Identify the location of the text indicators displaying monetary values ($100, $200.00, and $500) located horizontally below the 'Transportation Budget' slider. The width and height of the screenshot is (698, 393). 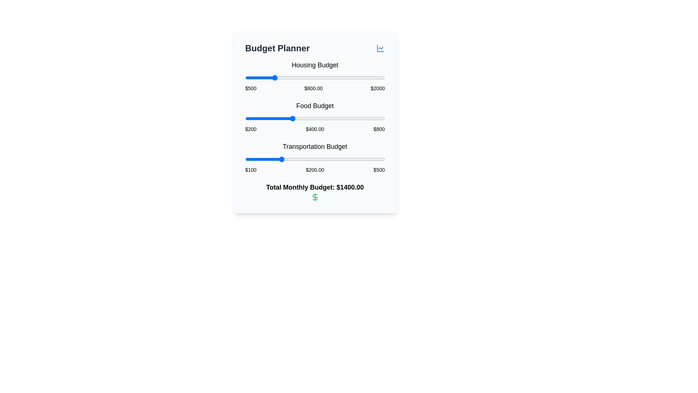
(315, 170).